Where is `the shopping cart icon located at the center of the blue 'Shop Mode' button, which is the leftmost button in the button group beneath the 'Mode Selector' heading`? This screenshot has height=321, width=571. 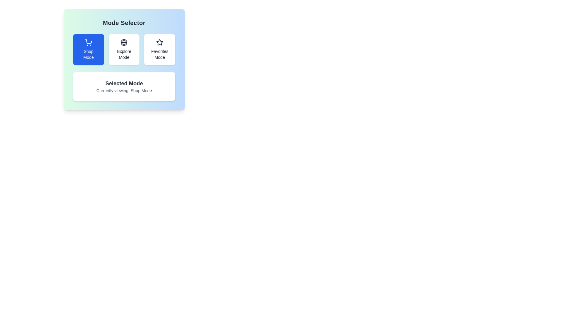
the shopping cart icon located at the center of the blue 'Shop Mode' button, which is the leftmost button in the button group beneath the 'Mode Selector' heading is located at coordinates (88, 42).